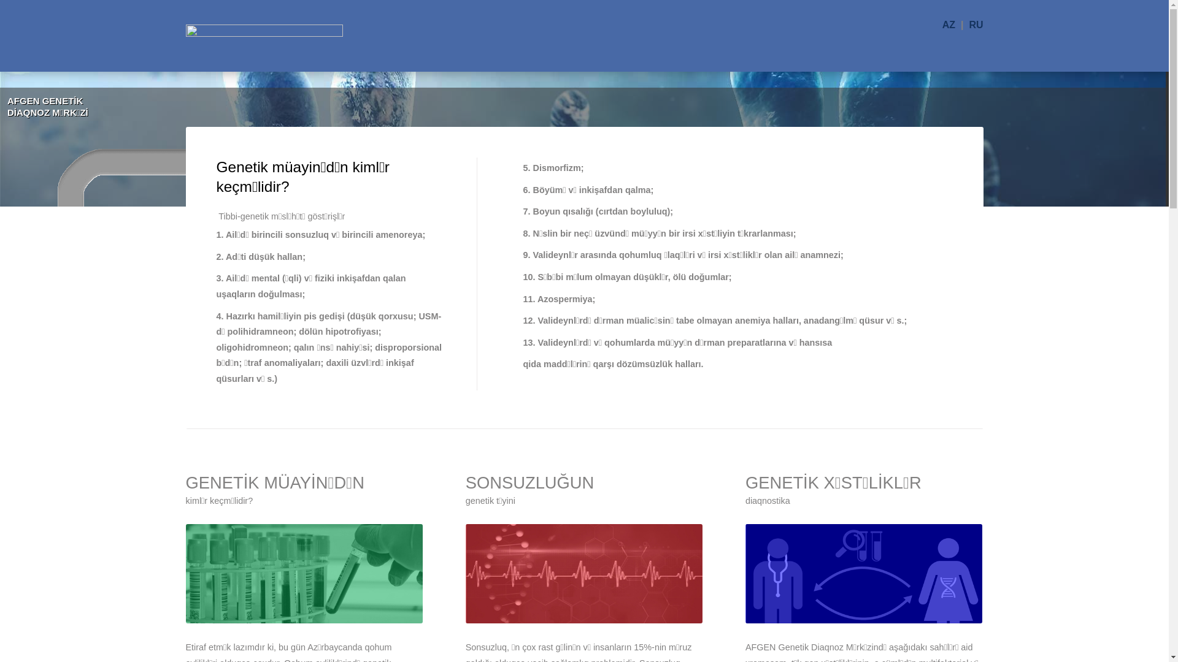  Describe the element at coordinates (950, 25) in the screenshot. I see `'AZ '` at that location.